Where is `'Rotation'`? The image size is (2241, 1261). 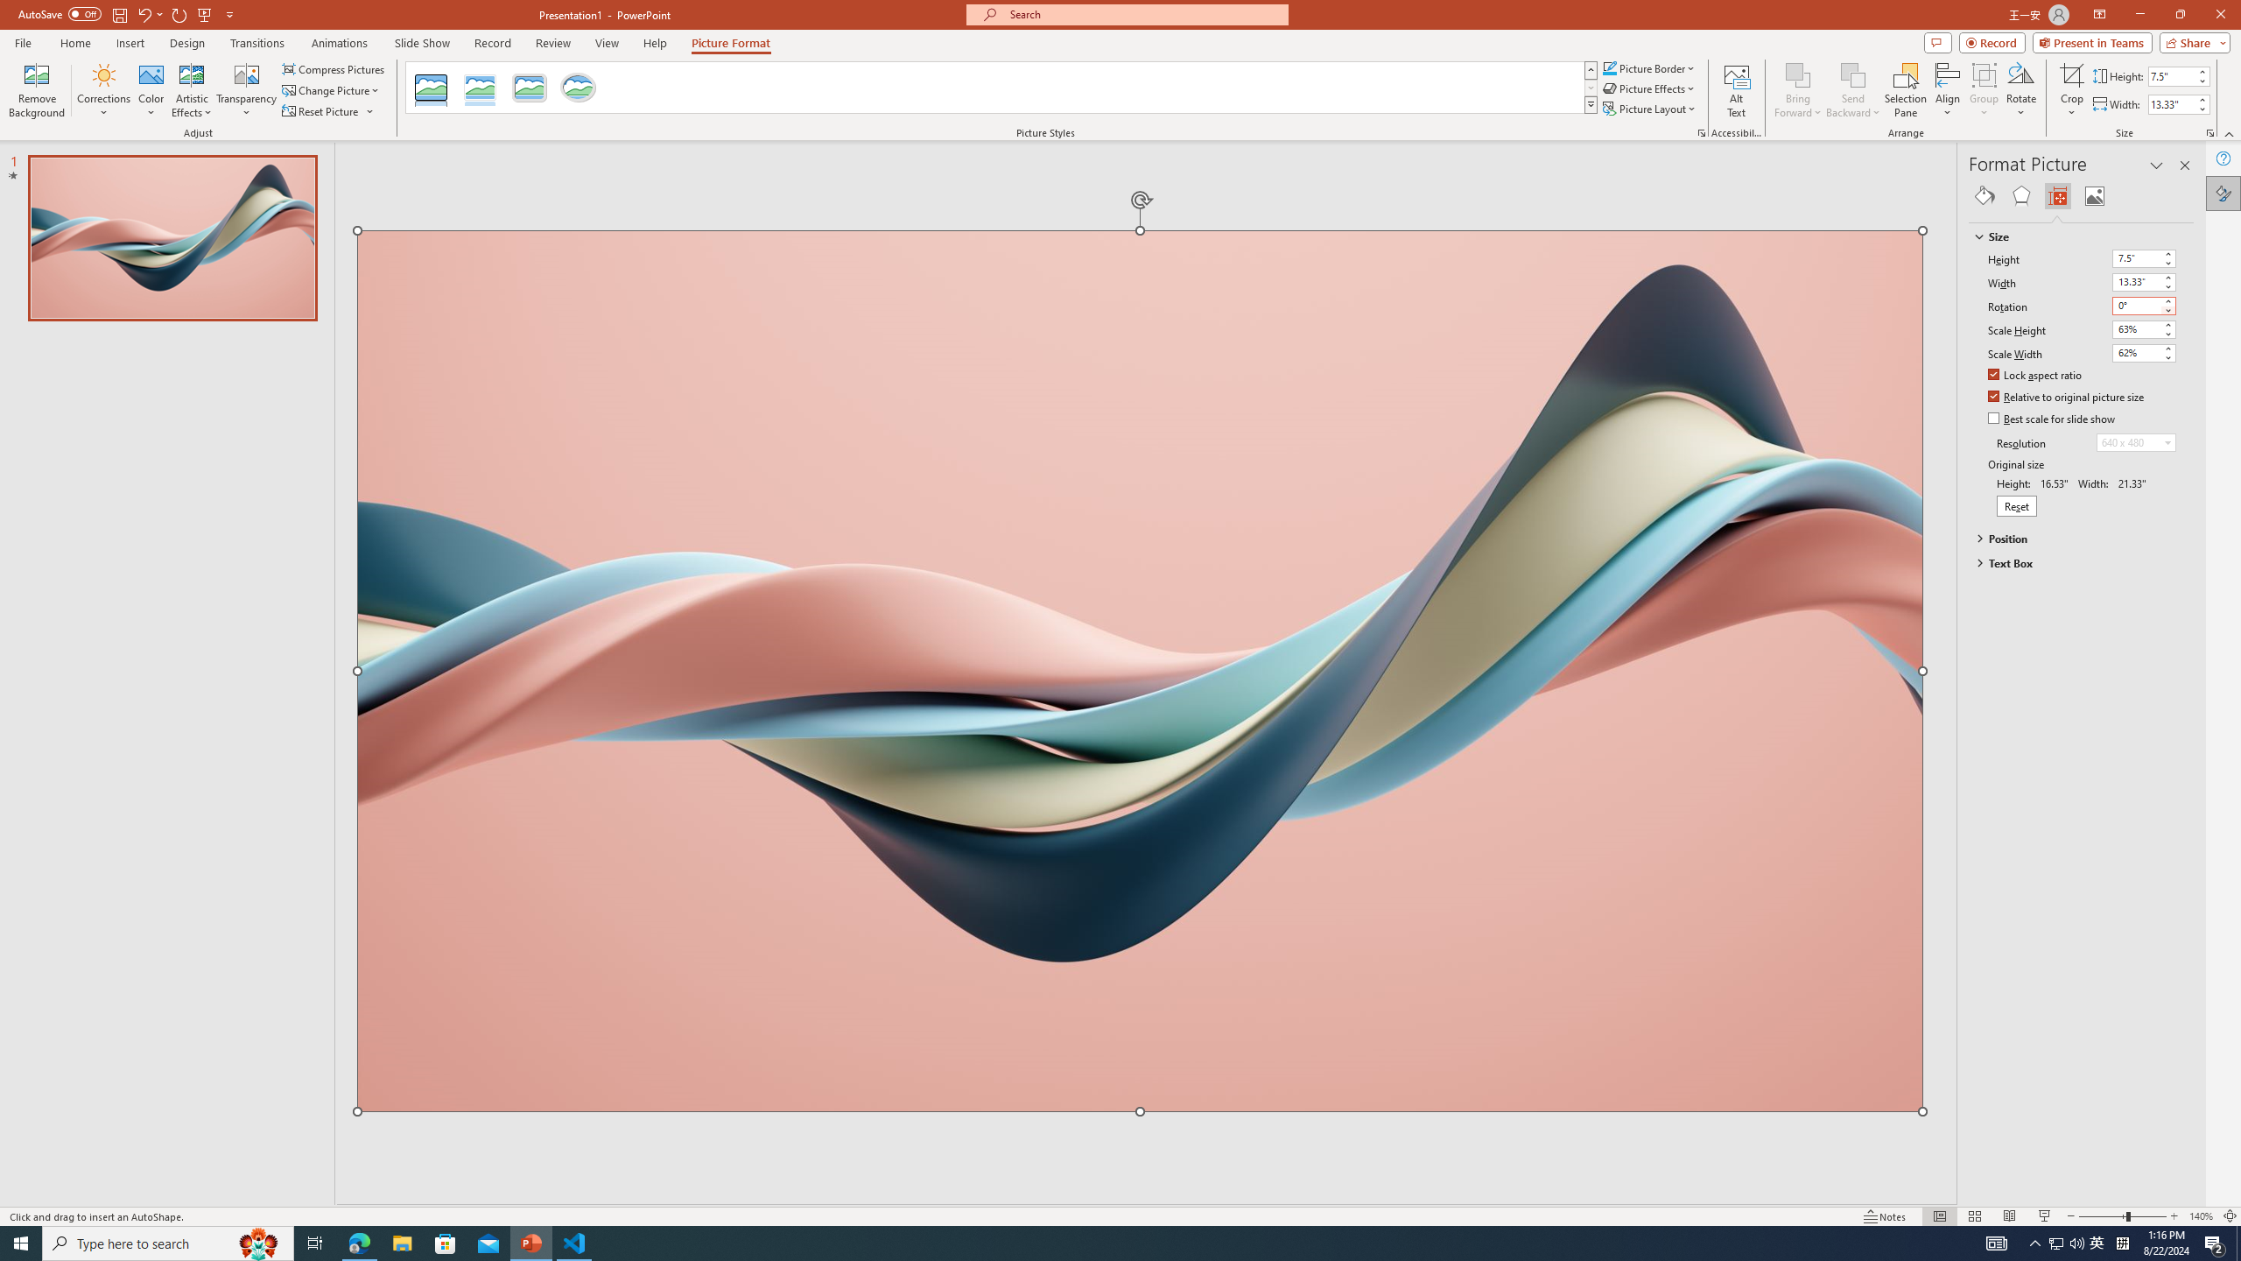
'Rotation' is located at coordinates (2144, 305).